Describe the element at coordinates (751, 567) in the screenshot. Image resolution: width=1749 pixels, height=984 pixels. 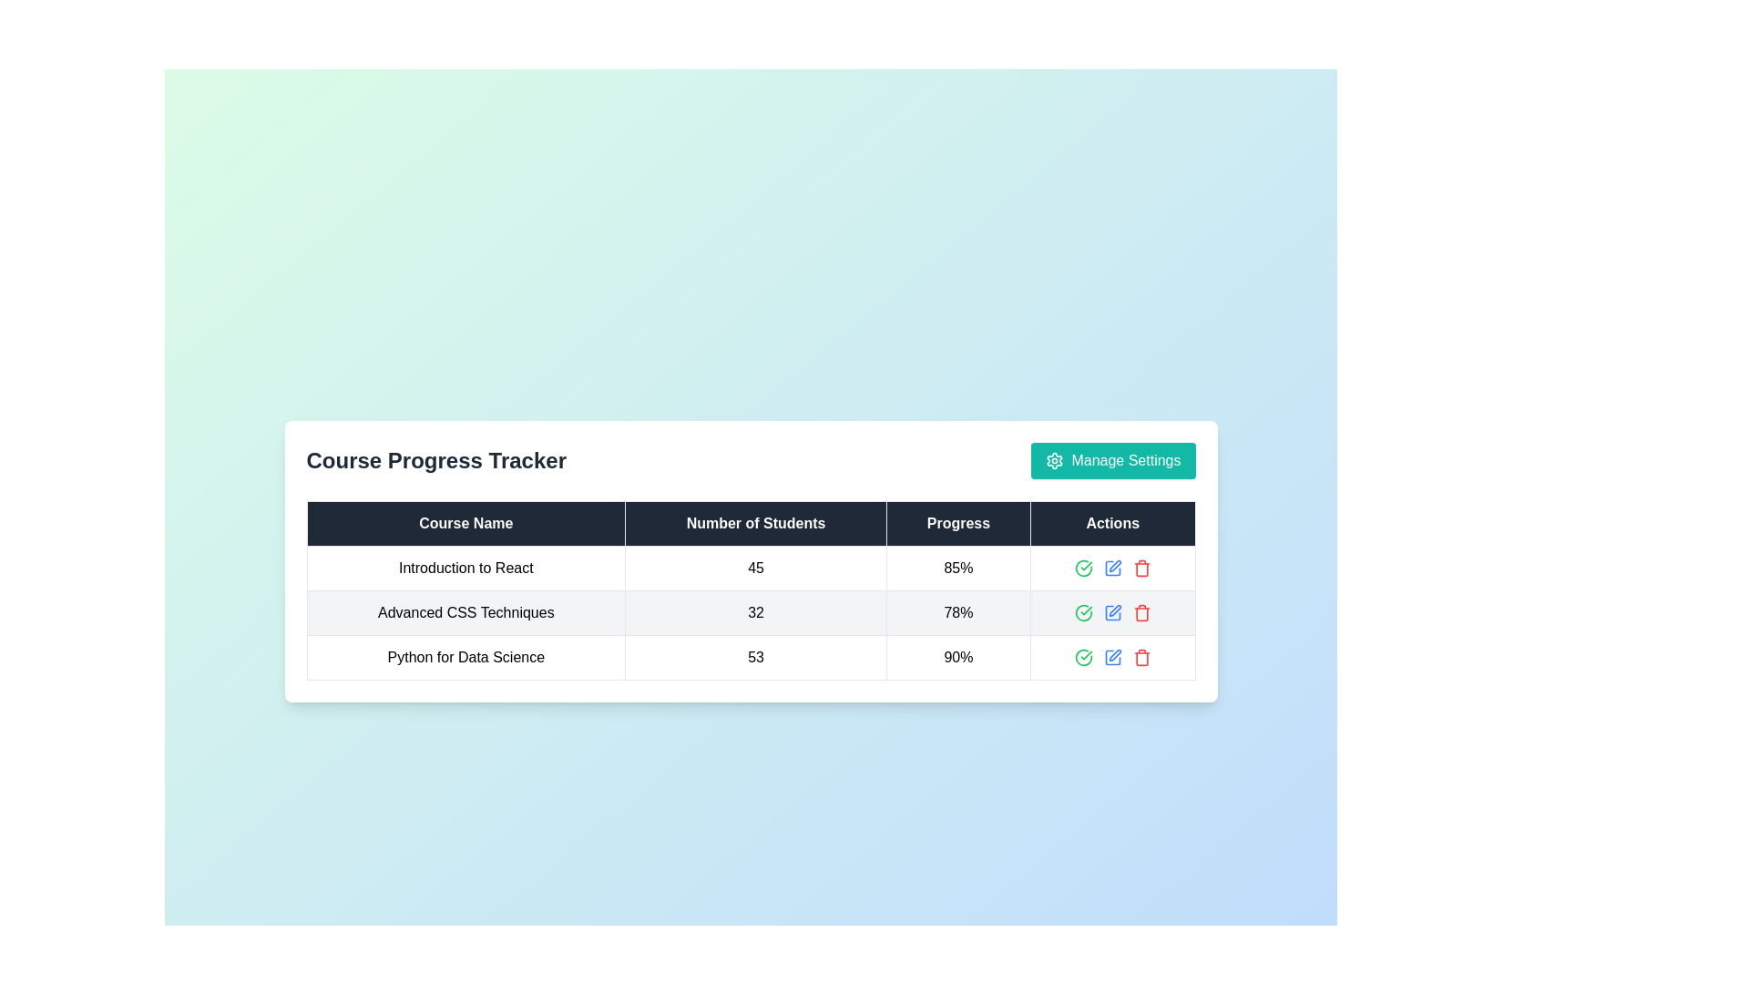
I see `the table row containing the course 'Introduction to React', which includes data such as the number '45' and percentage '85%', located above 'Advanced CSS Techniques'` at that location.